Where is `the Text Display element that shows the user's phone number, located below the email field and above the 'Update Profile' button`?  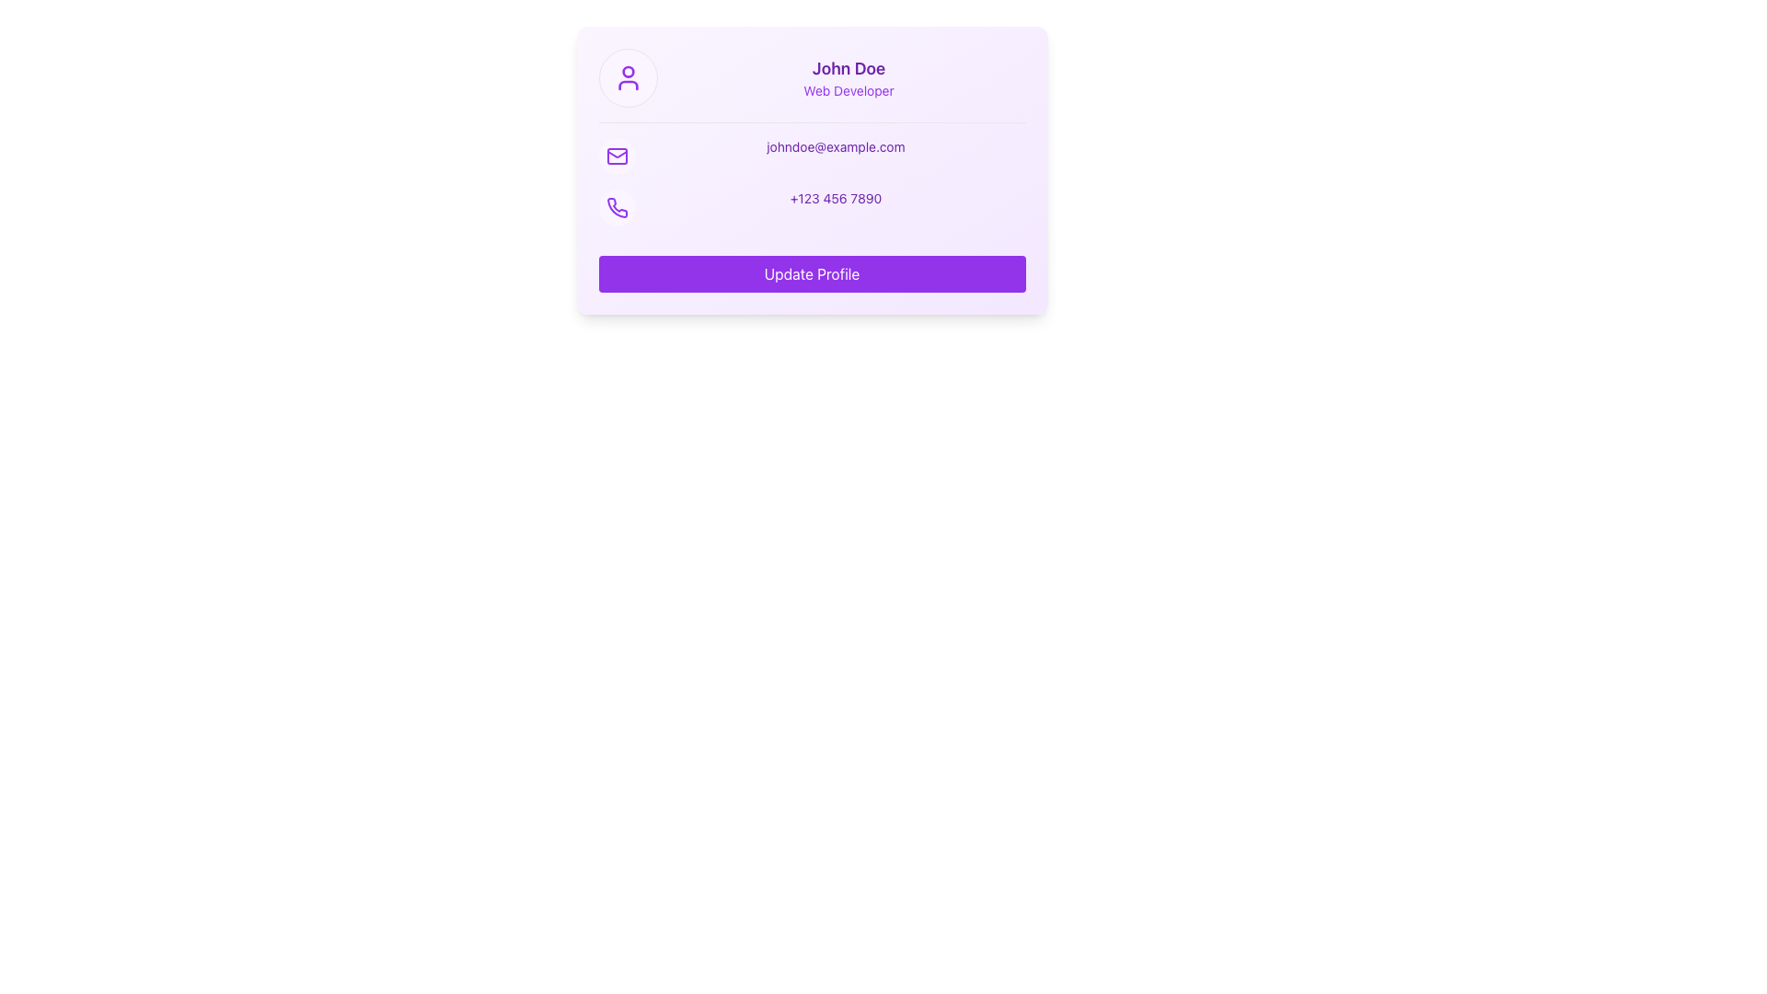
the Text Display element that shows the user's phone number, located below the email field and above the 'Update Profile' button is located at coordinates (811, 207).